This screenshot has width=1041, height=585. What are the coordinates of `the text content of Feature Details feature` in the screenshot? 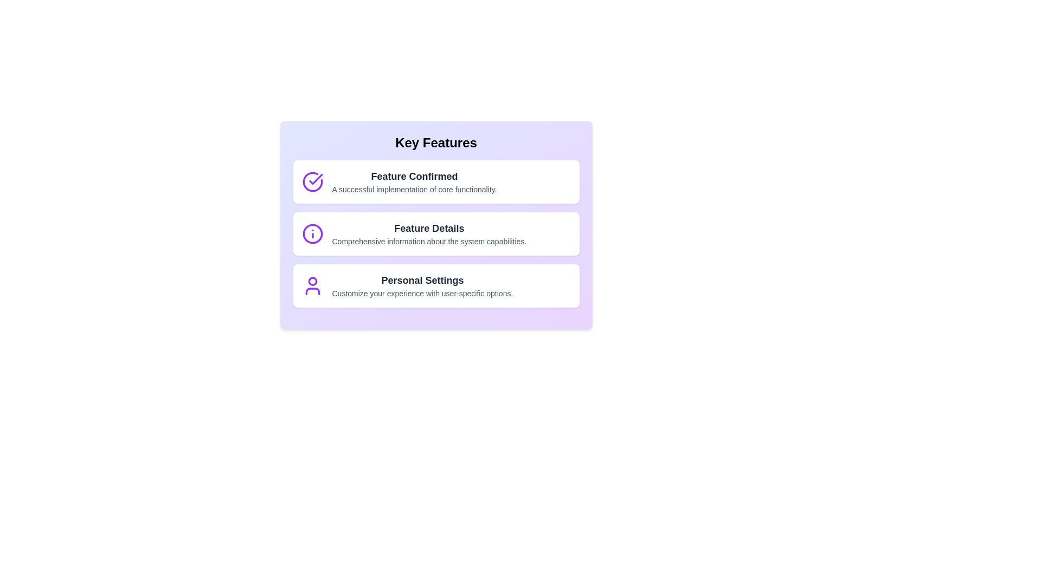 It's located at (436, 233).